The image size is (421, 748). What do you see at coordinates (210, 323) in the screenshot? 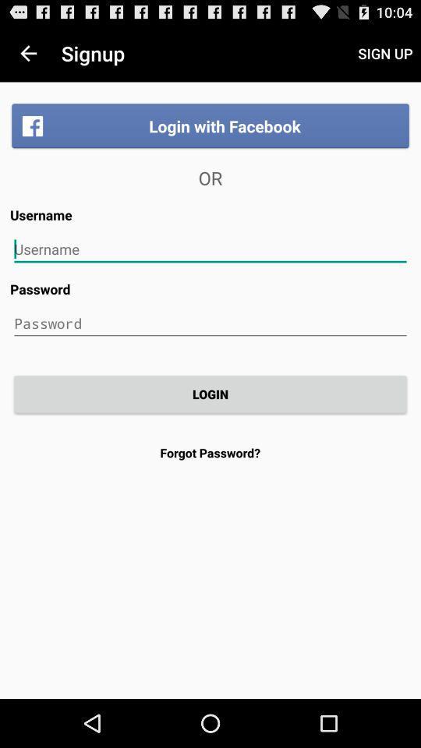
I see `password` at bounding box center [210, 323].